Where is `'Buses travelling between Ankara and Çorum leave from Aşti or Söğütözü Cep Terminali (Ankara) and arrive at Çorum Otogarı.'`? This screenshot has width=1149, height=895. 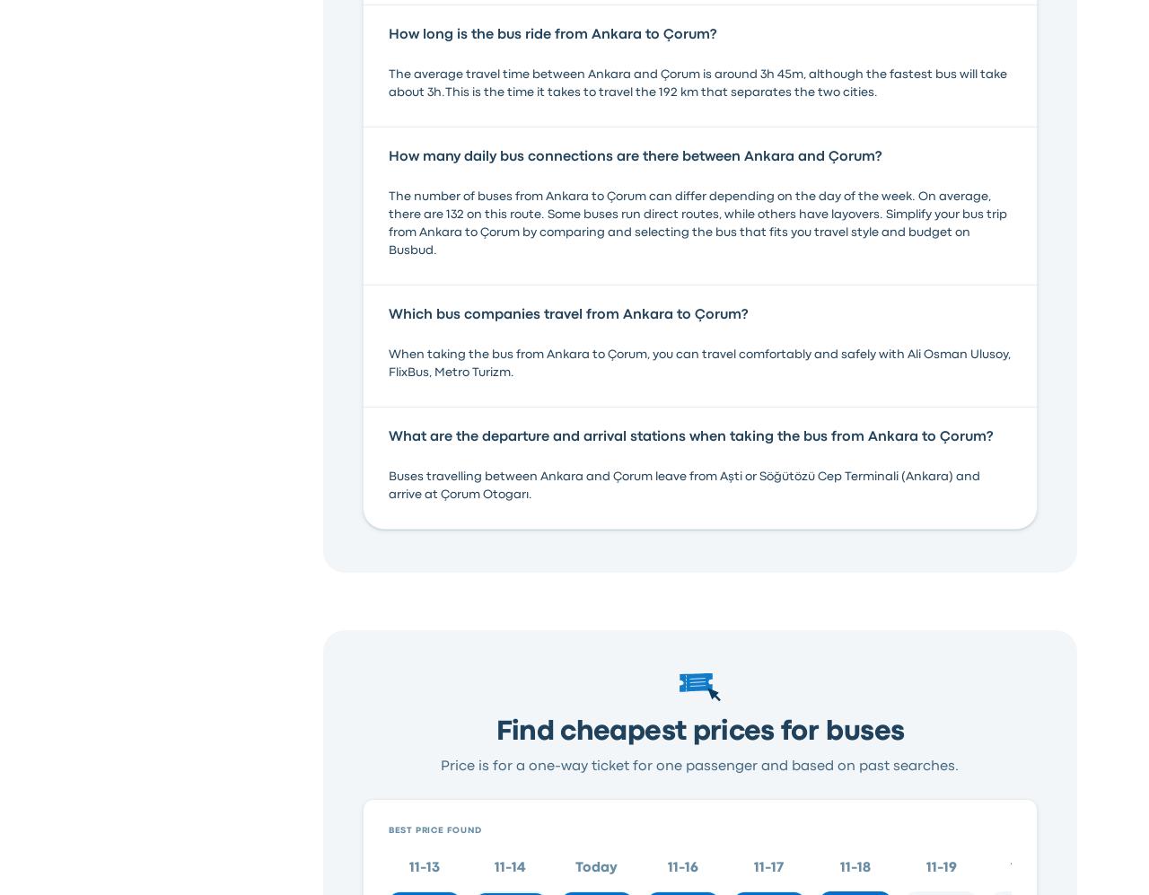
'Buses travelling between Ankara and Çorum leave from Aşti or Söğütözü Cep Terminali (Ankara) and arrive at Çorum Otogarı.' is located at coordinates (682, 483).